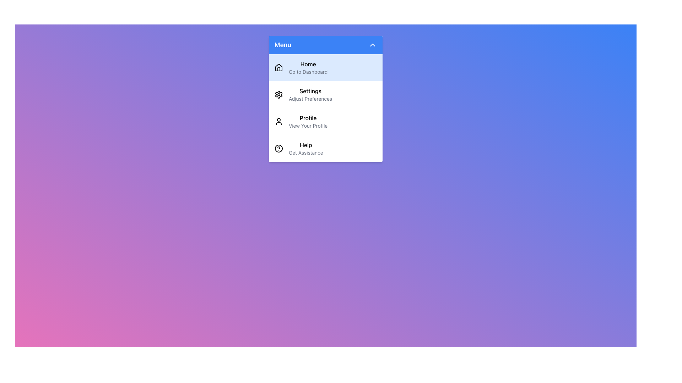 Image resolution: width=682 pixels, height=383 pixels. Describe the element at coordinates (308, 68) in the screenshot. I see `the 'Home' menu item, which features bold text and is the first item in the blue sidebar menu` at that location.